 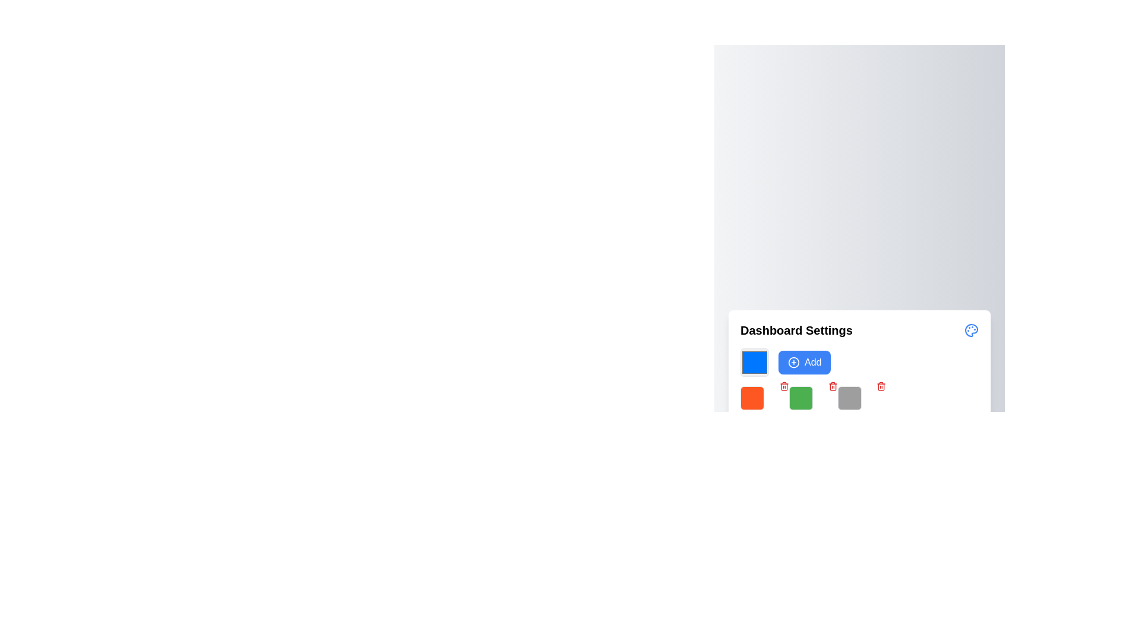 What do you see at coordinates (754, 361) in the screenshot?
I see `the blue square button with rounded corners located in the left corner of the 'Add' row, as it is the first interactive element before the 'Add' button` at bounding box center [754, 361].